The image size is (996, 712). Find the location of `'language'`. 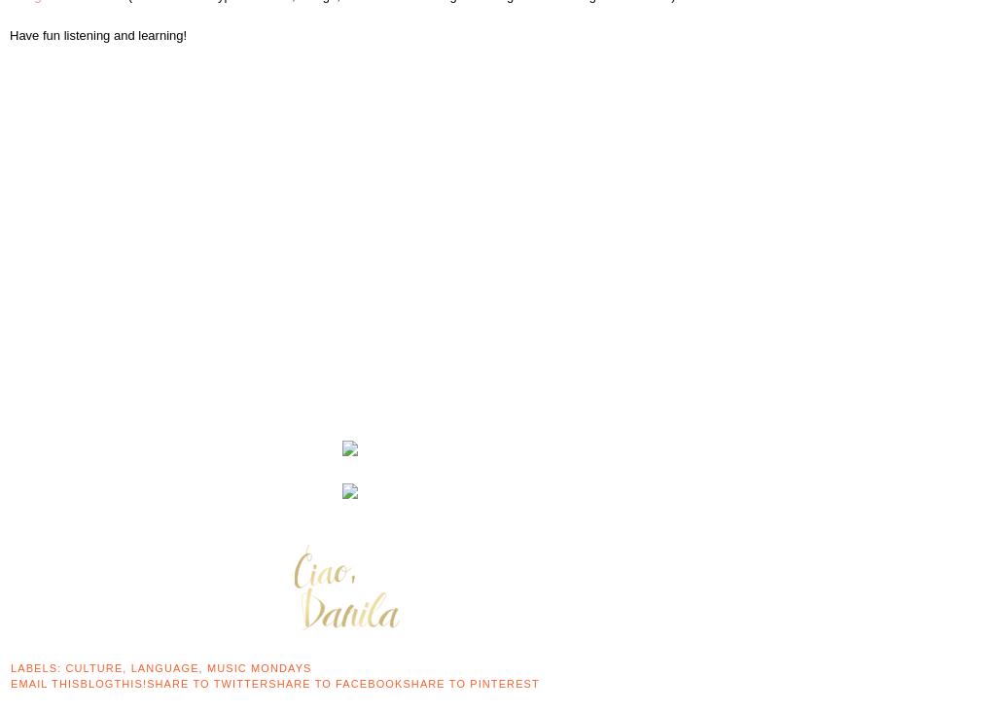

'language' is located at coordinates (162, 667).